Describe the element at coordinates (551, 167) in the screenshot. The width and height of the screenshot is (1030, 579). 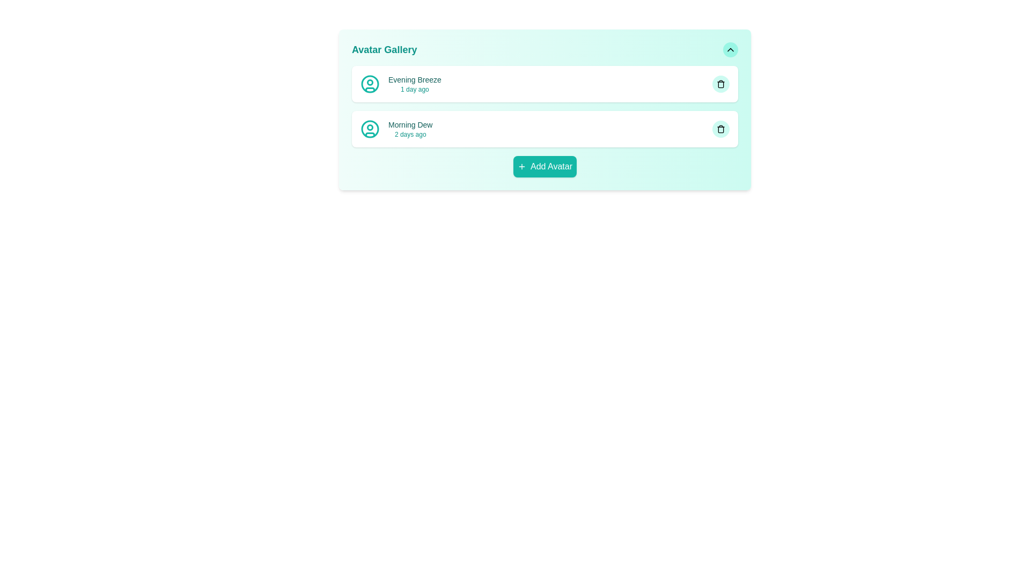
I see `the button labeled` at that location.